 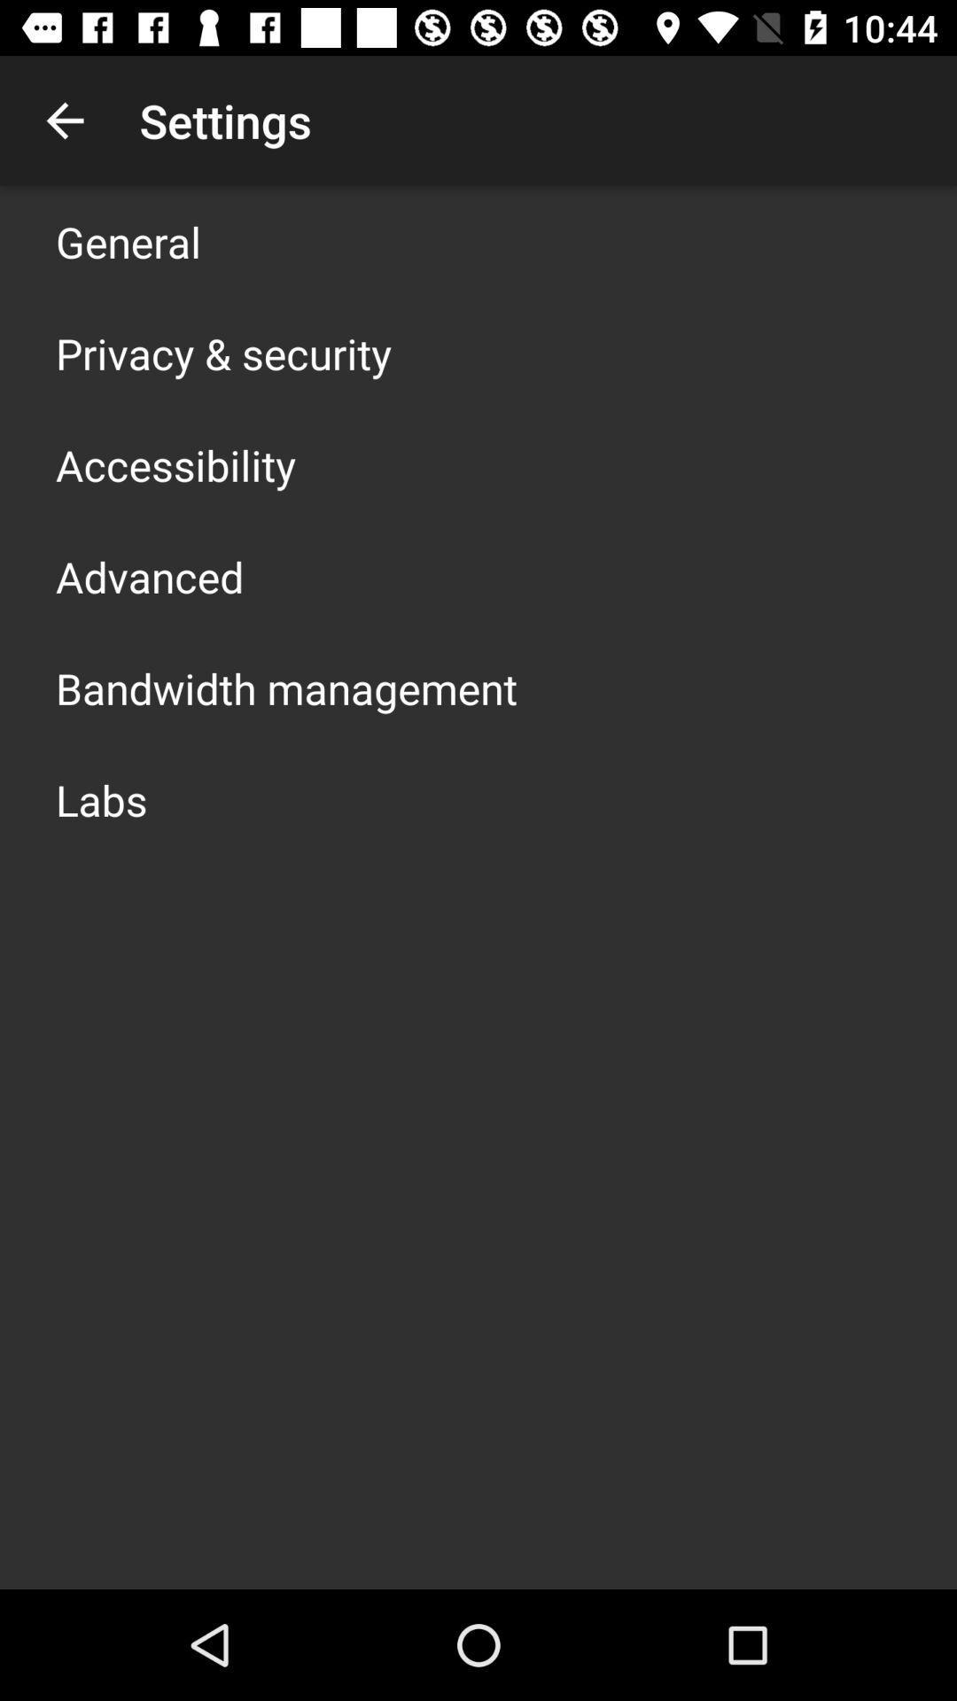 What do you see at coordinates (285, 687) in the screenshot?
I see `the bandwidth management icon` at bounding box center [285, 687].